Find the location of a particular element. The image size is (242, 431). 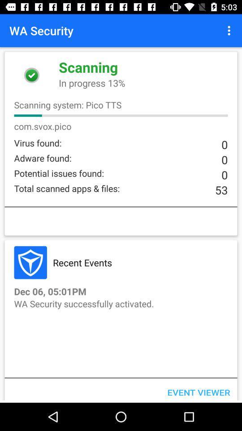

the icon at the bottom right corner is located at coordinates (199, 390).